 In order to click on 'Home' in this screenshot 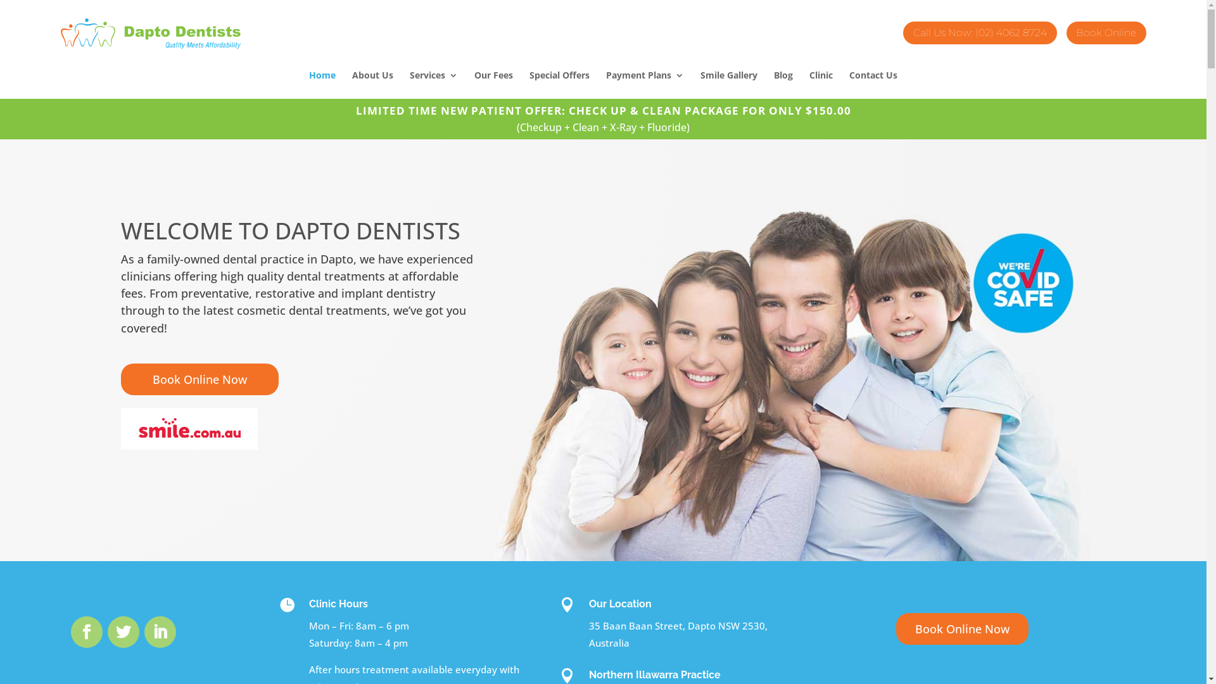, I will do `click(309, 85)`.